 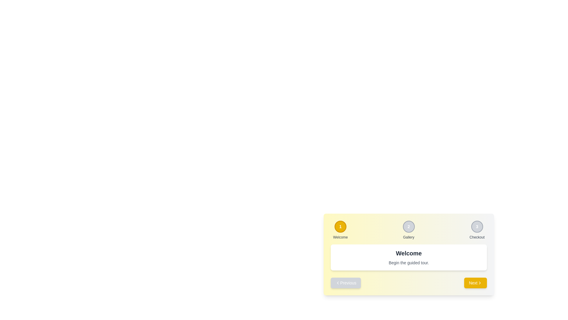 I want to click on the Step indicator (non-interactive) which is a circular component featuring a light gray background, dark gray border, and the bold white digit '3' centered within it, so click(x=477, y=226).